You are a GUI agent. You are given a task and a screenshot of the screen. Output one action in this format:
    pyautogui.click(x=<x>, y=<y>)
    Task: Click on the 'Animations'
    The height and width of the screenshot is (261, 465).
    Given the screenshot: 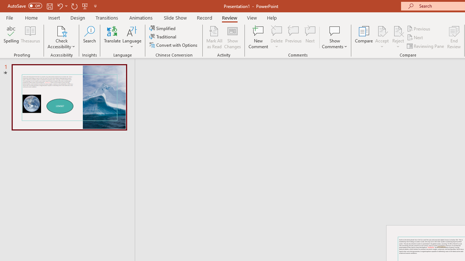 What is the action you would take?
    pyautogui.click(x=141, y=17)
    